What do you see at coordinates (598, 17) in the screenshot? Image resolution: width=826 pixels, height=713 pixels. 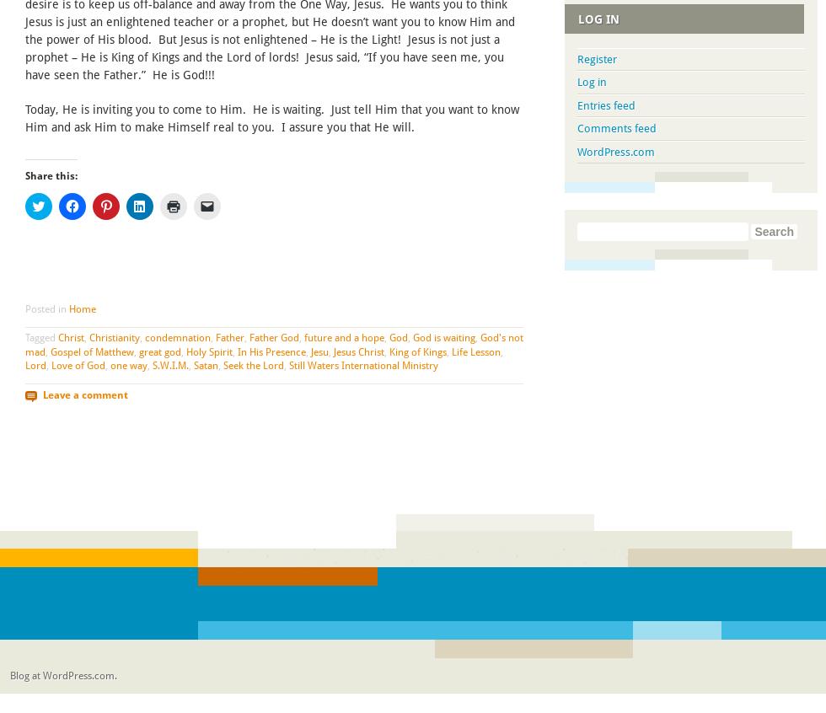 I see `'Log In'` at bounding box center [598, 17].